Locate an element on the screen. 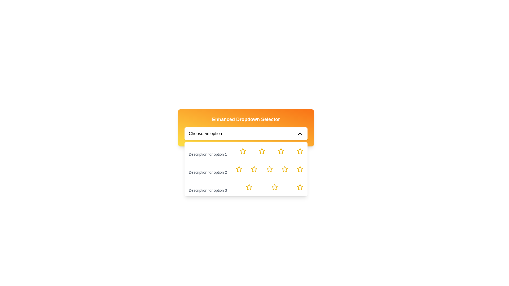 The height and width of the screenshot is (286, 509). on the third selectable option in the dropdown menu is located at coordinates (245, 187).